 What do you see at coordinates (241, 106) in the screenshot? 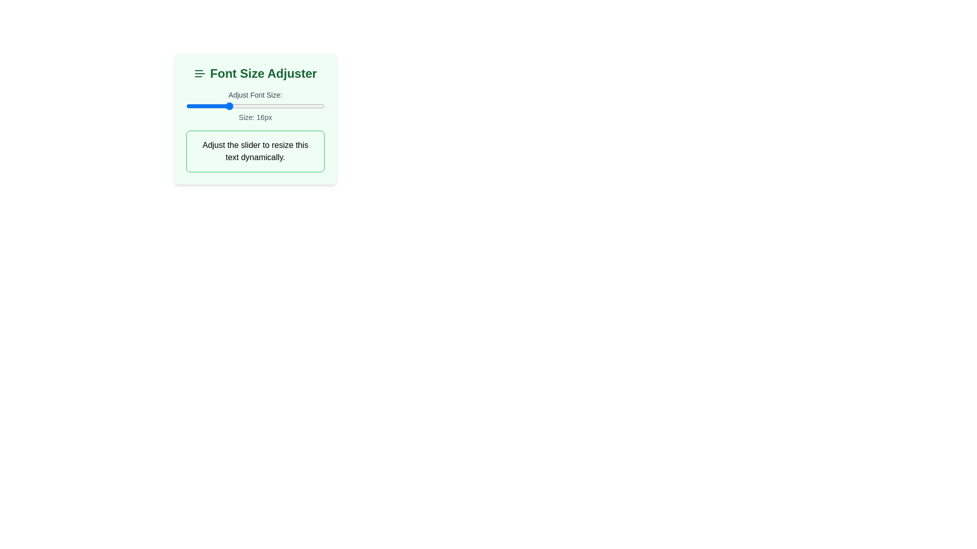
I see `the slider to set the font size to 18 px` at bounding box center [241, 106].